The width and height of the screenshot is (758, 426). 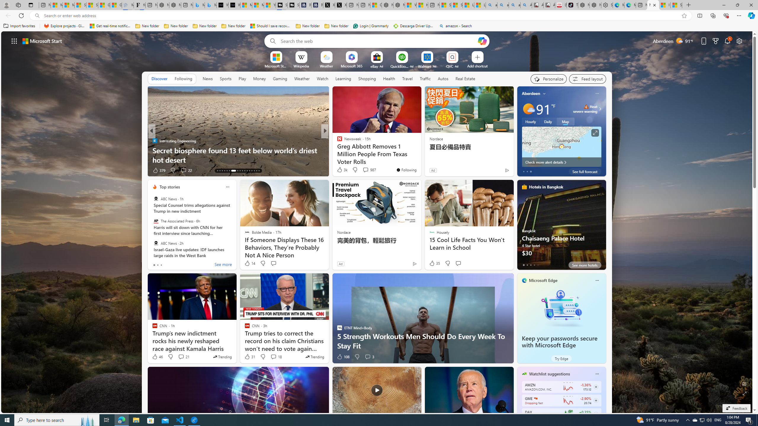 What do you see at coordinates (19, 26) in the screenshot?
I see `'Import favorites'` at bounding box center [19, 26].